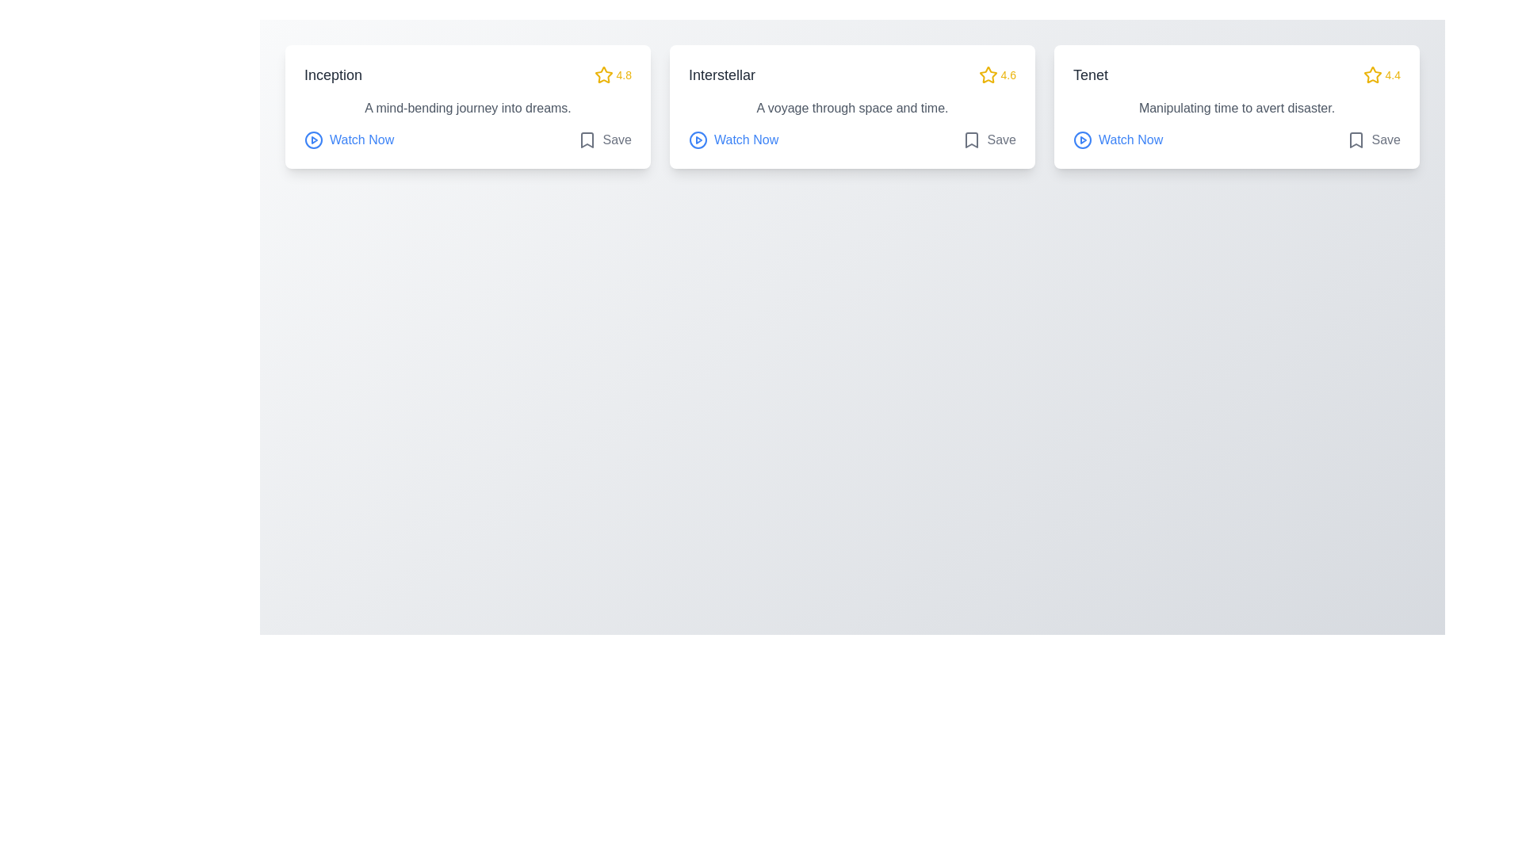 This screenshot has height=856, width=1522. I want to click on the 'Save' button with a bookmark icon located in the center of the right section of the 'Inception' movie card to change its color, so click(603, 139).